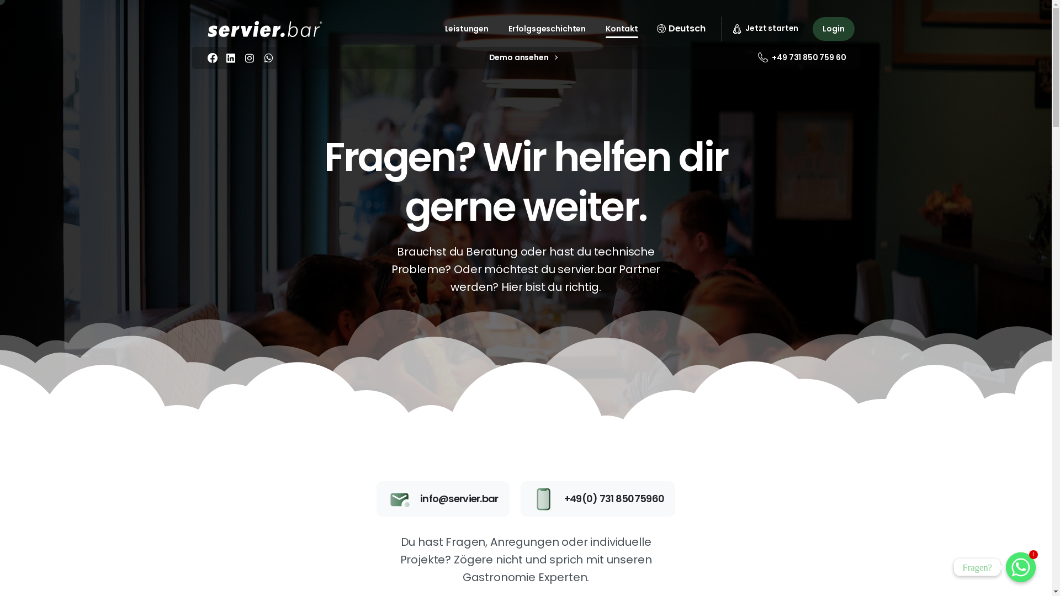 The width and height of the screenshot is (1060, 596). Describe the element at coordinates (833, 28) in the screenshot. I see `'Login'` at that location.